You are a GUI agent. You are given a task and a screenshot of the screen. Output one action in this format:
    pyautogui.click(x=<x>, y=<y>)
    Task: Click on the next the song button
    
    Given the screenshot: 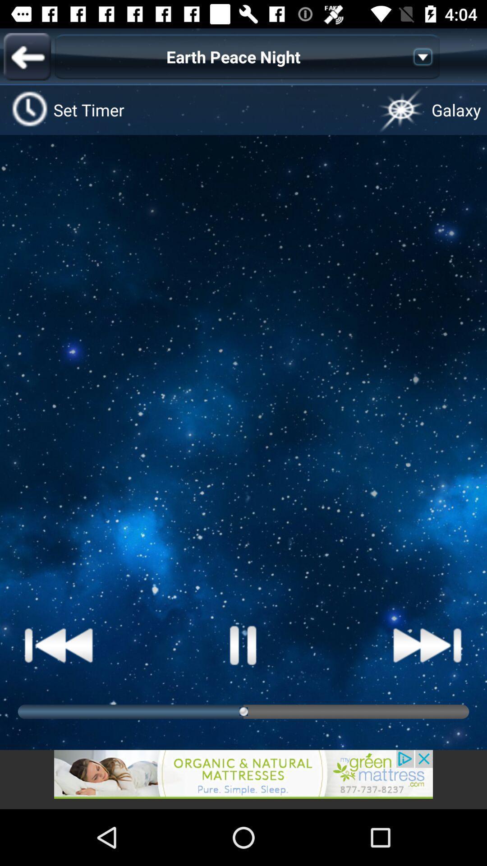 What is the action you would take?
    pyautogui.click(x=59, y=645)
    